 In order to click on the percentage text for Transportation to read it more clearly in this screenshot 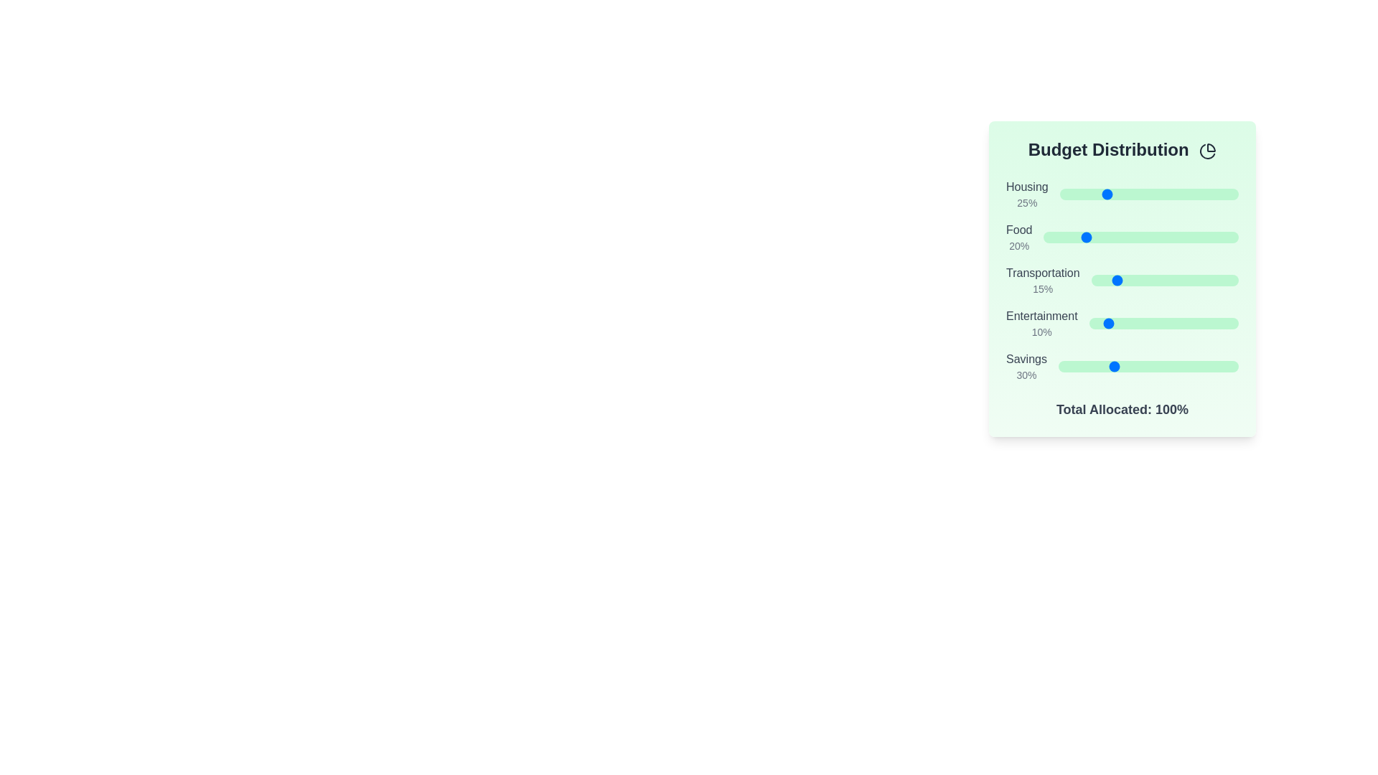, I will do `click(1043, 288)`.